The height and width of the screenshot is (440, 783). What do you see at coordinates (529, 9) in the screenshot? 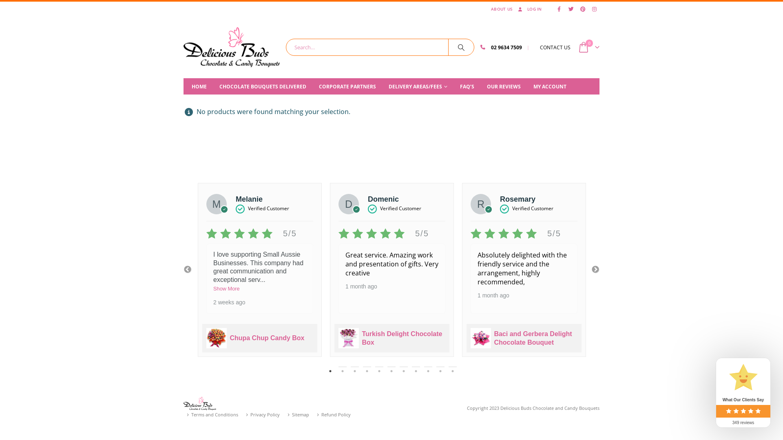
I see `'LOG IN'` at bounding box center [529, 9].